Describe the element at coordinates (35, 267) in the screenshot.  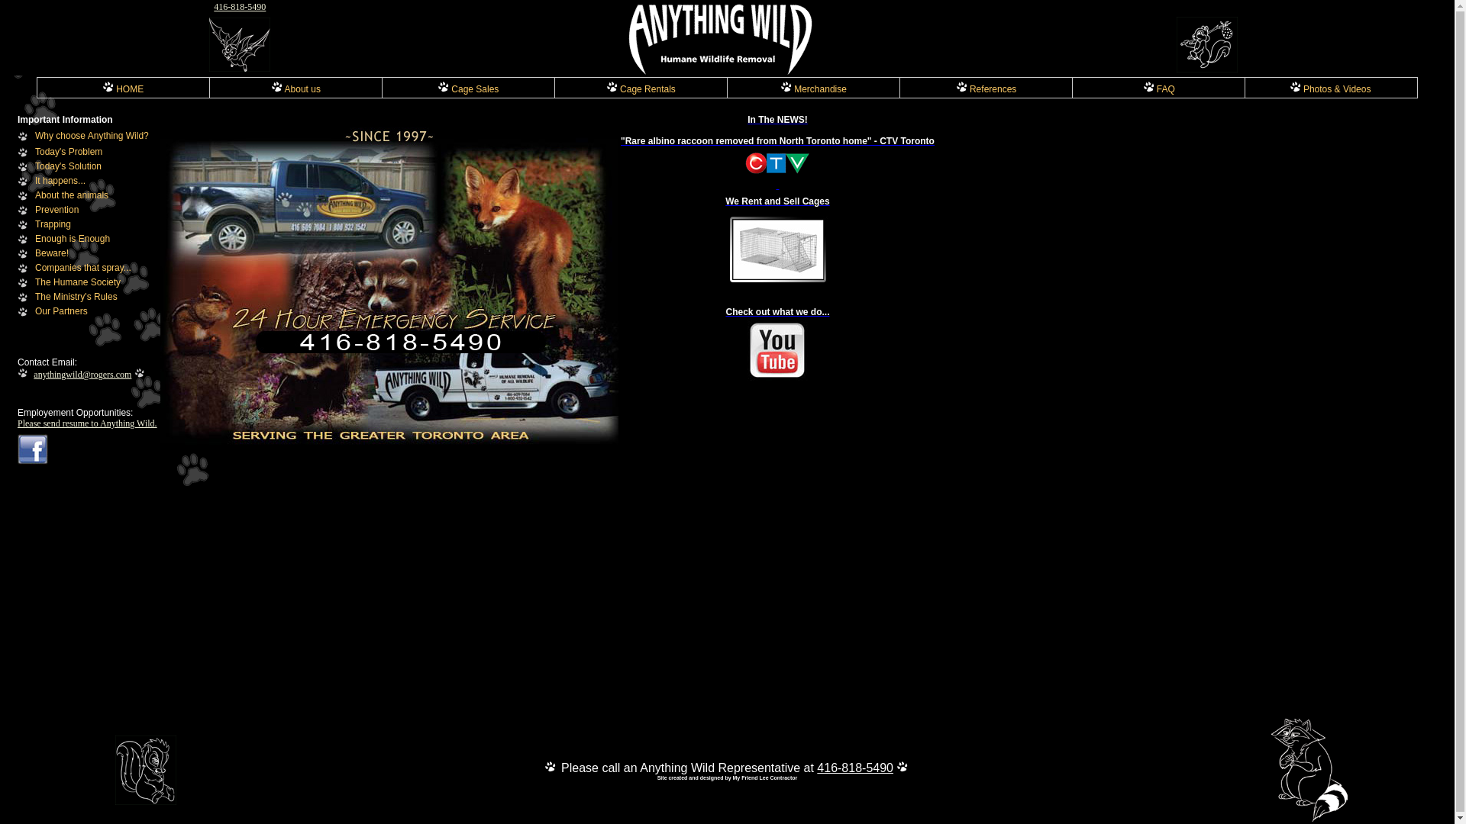
I see `'Companies that spray...'` at that location.